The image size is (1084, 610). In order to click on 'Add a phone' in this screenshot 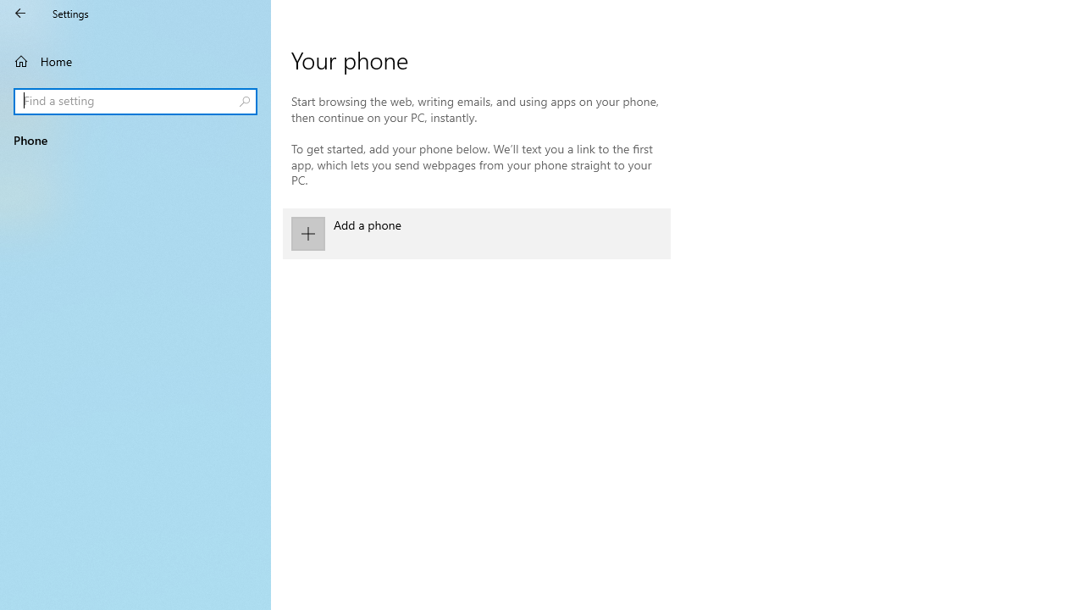, I will do `click(476, 234)`.